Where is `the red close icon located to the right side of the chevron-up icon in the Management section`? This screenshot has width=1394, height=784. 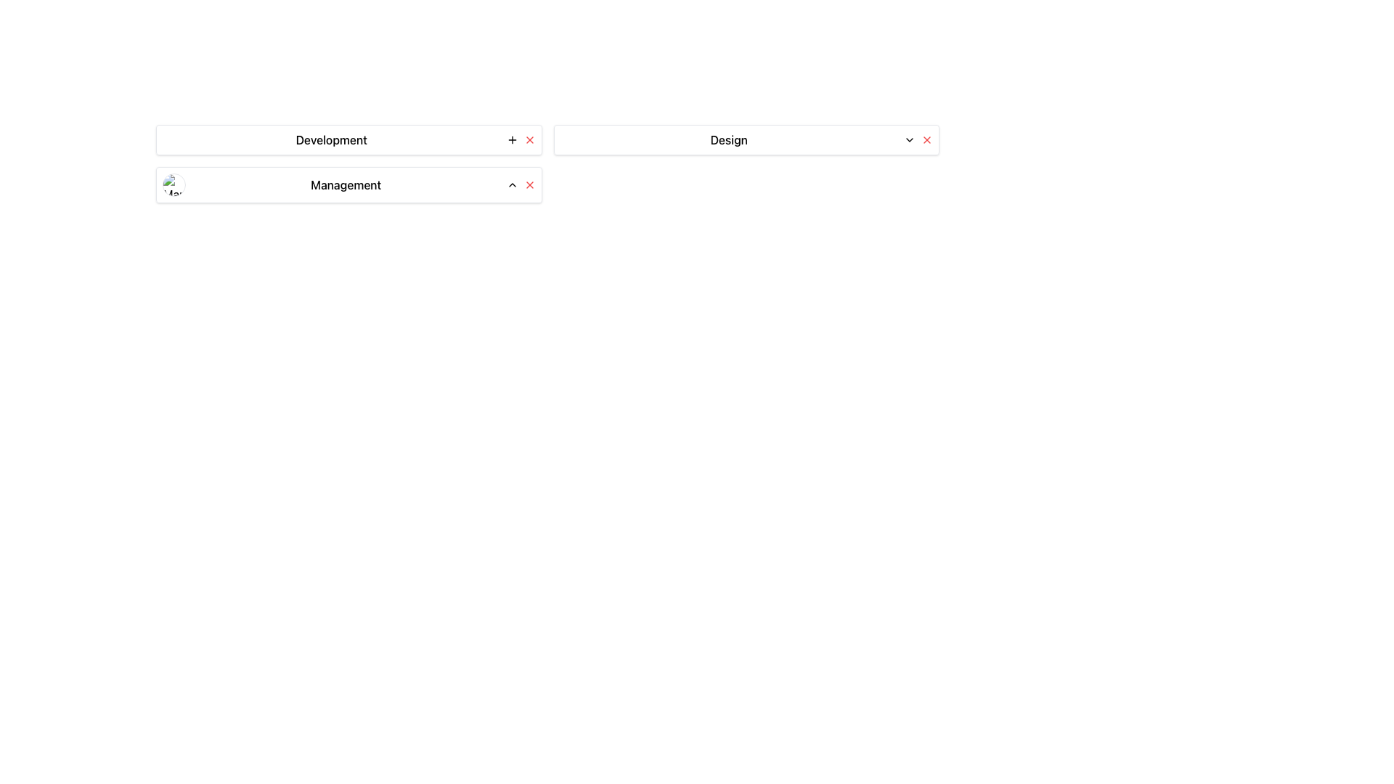 the red close icon located to the right side of the chevron-up icon in the Management section is located at coordinates (529, 184).